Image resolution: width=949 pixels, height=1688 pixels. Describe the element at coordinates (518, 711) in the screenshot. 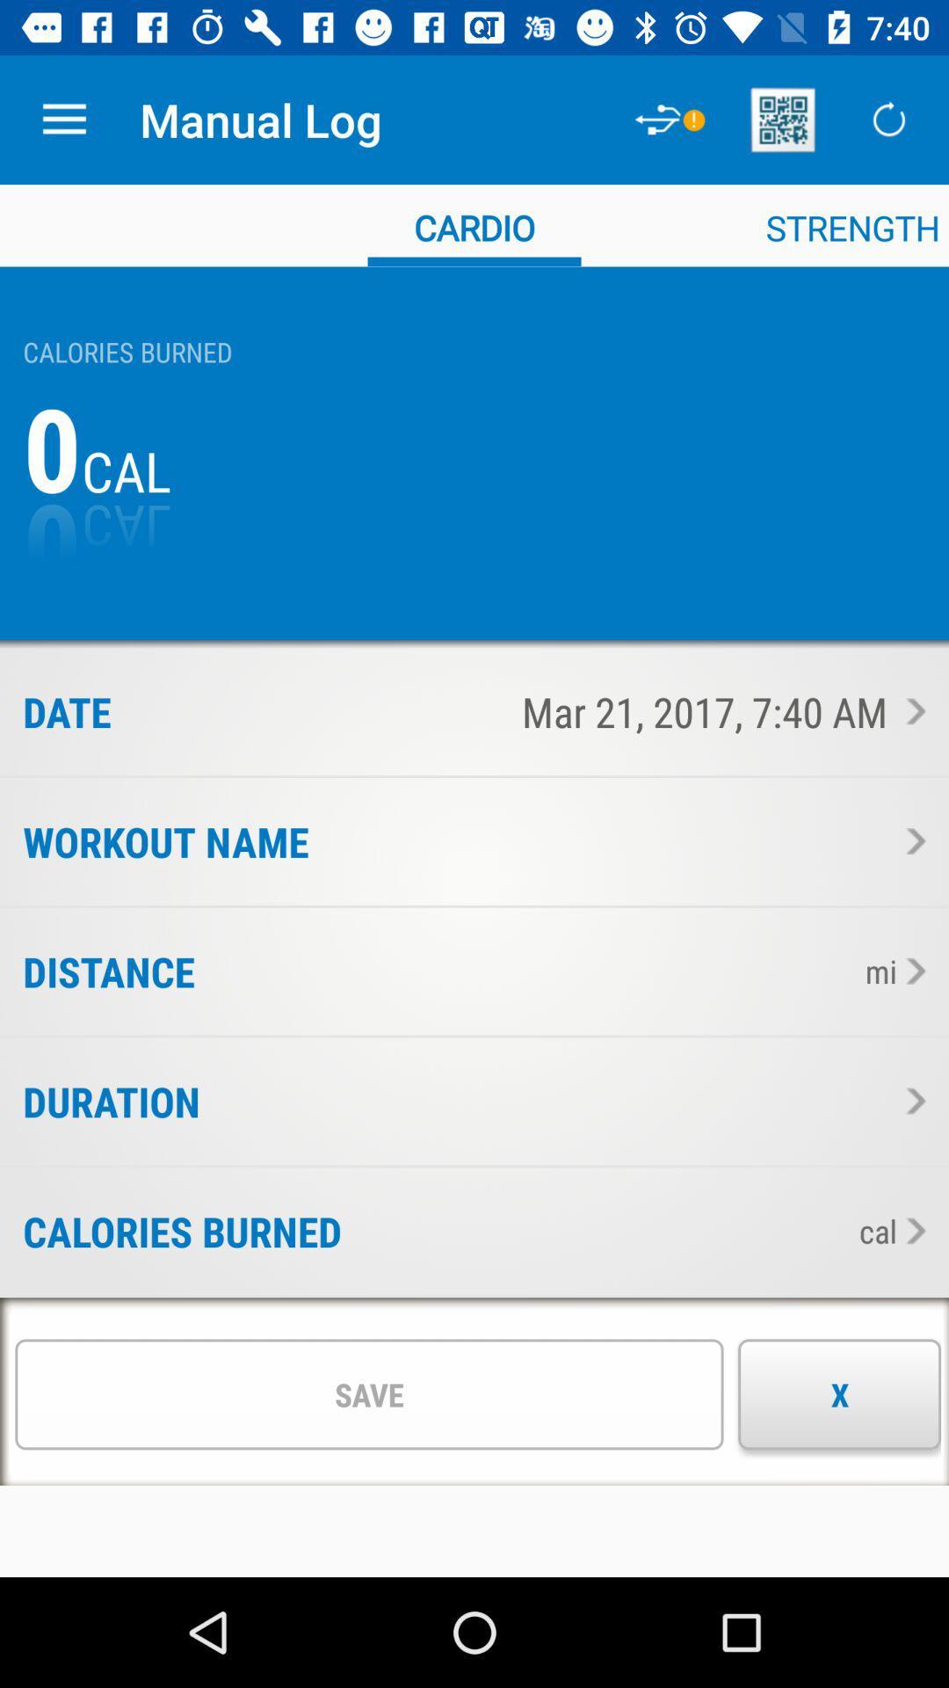

I see `mar 21 2017 item` at that location.